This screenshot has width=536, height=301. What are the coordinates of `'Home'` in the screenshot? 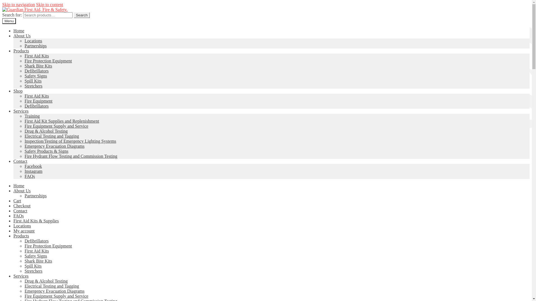 It's located at (19, 31).